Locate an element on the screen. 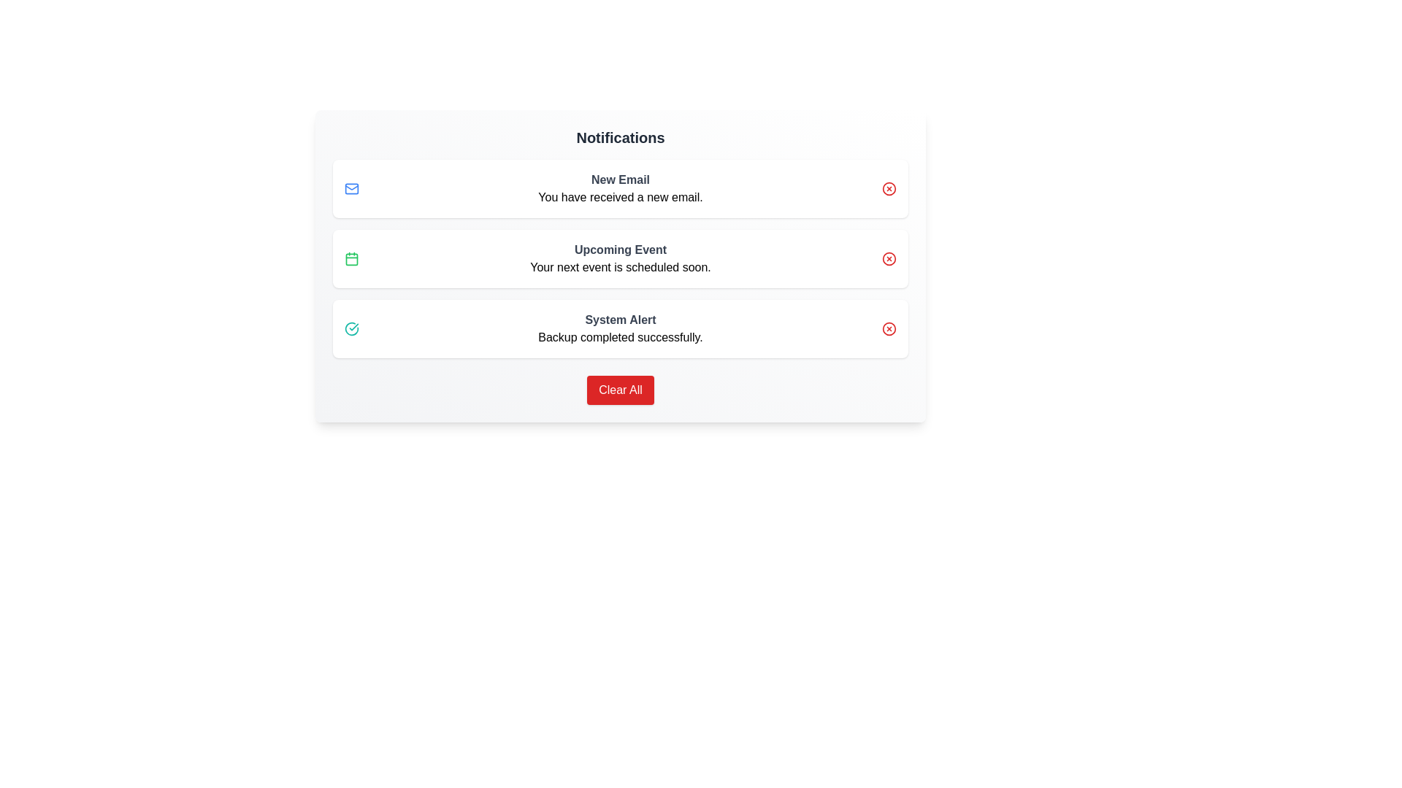  text label providing supplementary information about the upcoming event, located below the 'Upcoming Event' title in the second notification card is located at coordinates (620, 267).